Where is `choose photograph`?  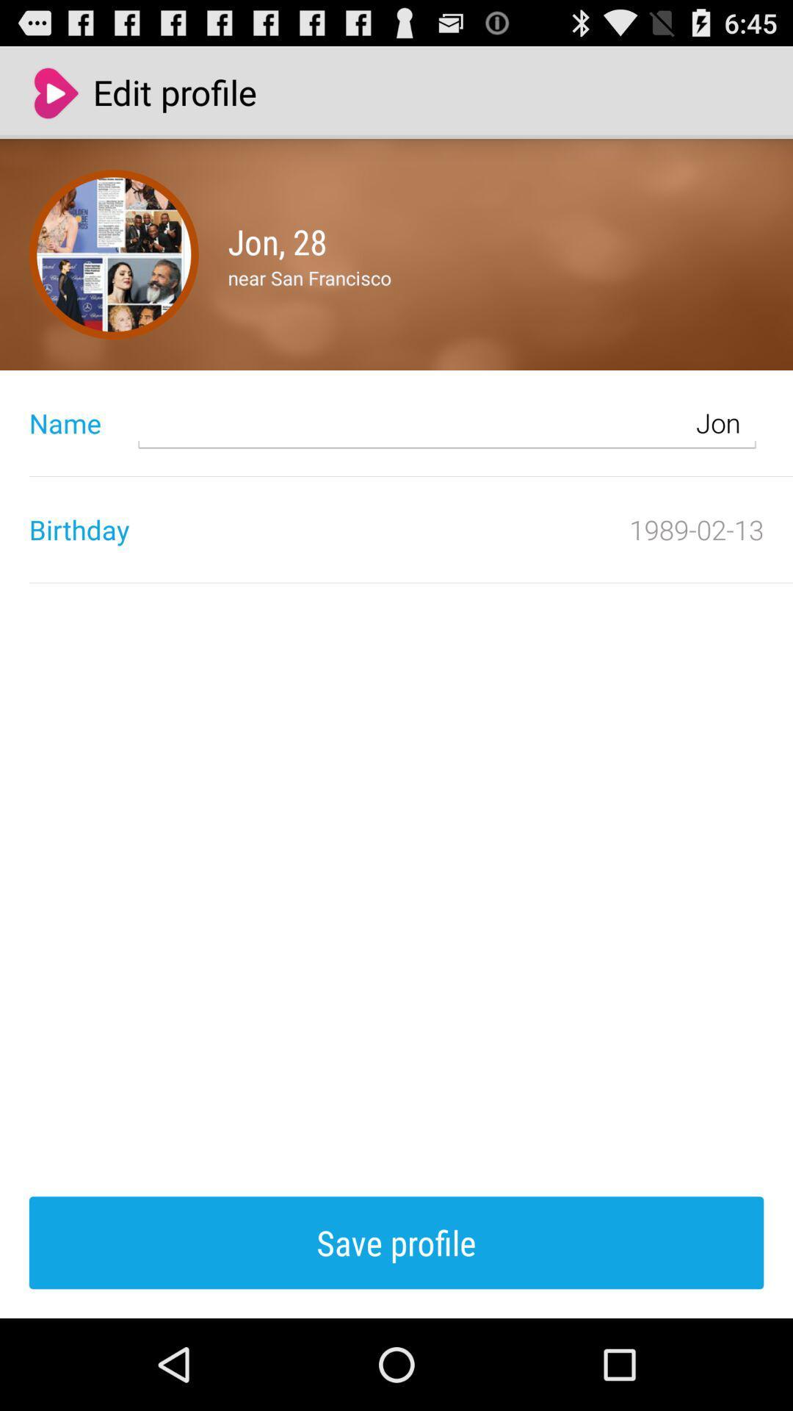 choose photograph is located at coordinates (113, 254).